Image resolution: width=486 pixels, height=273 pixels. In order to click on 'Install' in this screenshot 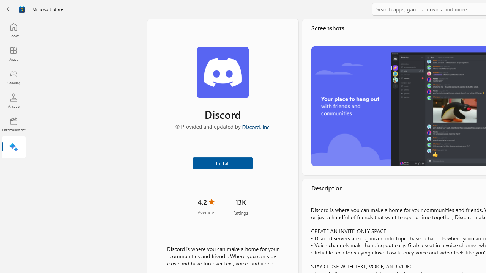, I will do `click(222, 162)`.